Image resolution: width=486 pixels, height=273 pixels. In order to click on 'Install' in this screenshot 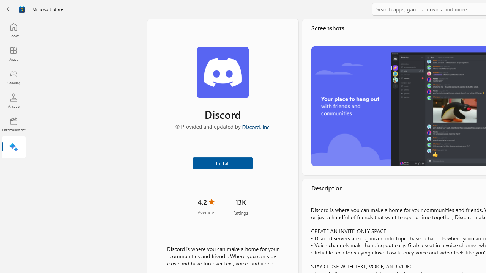, I will do `click(222, 162)`.